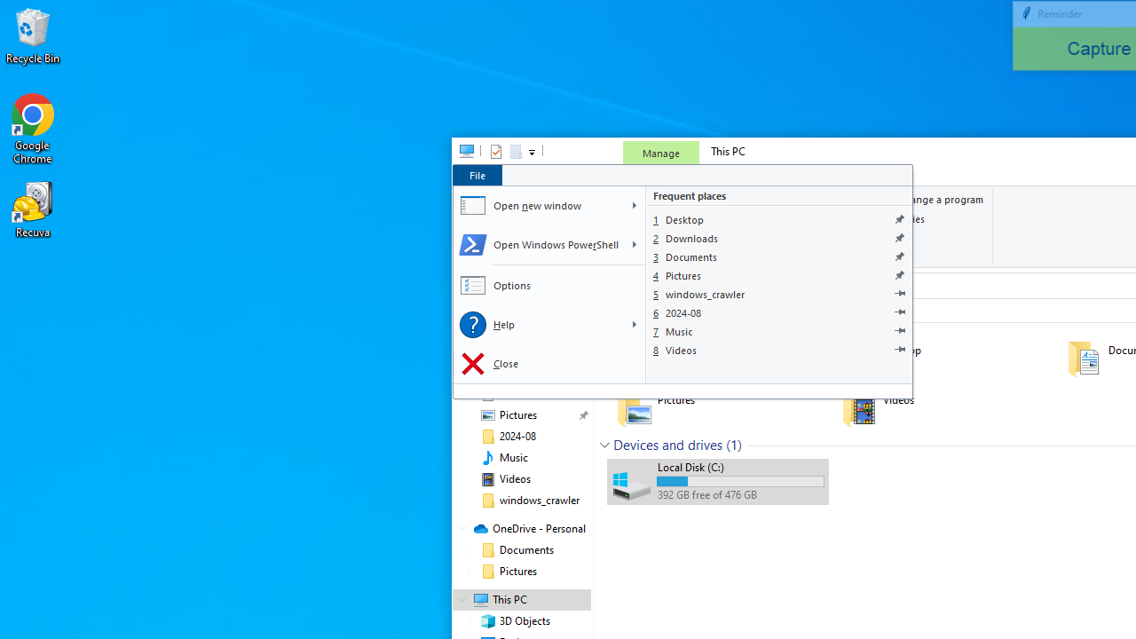  I want to click on 'File tab', so click(477, 175).